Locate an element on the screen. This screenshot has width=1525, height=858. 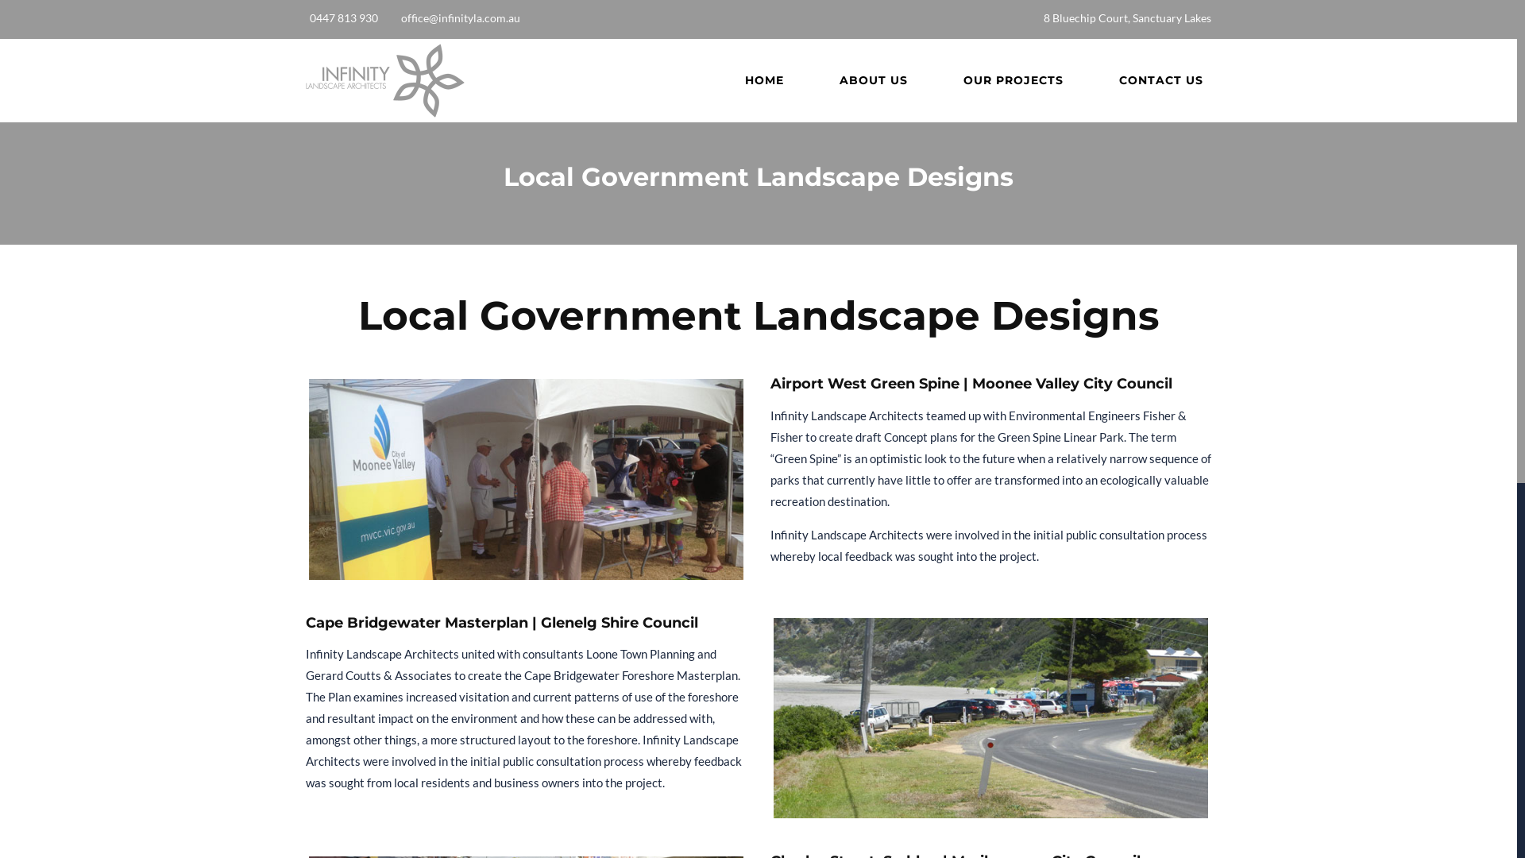
'HOME' is located at coordinates (764, 80).